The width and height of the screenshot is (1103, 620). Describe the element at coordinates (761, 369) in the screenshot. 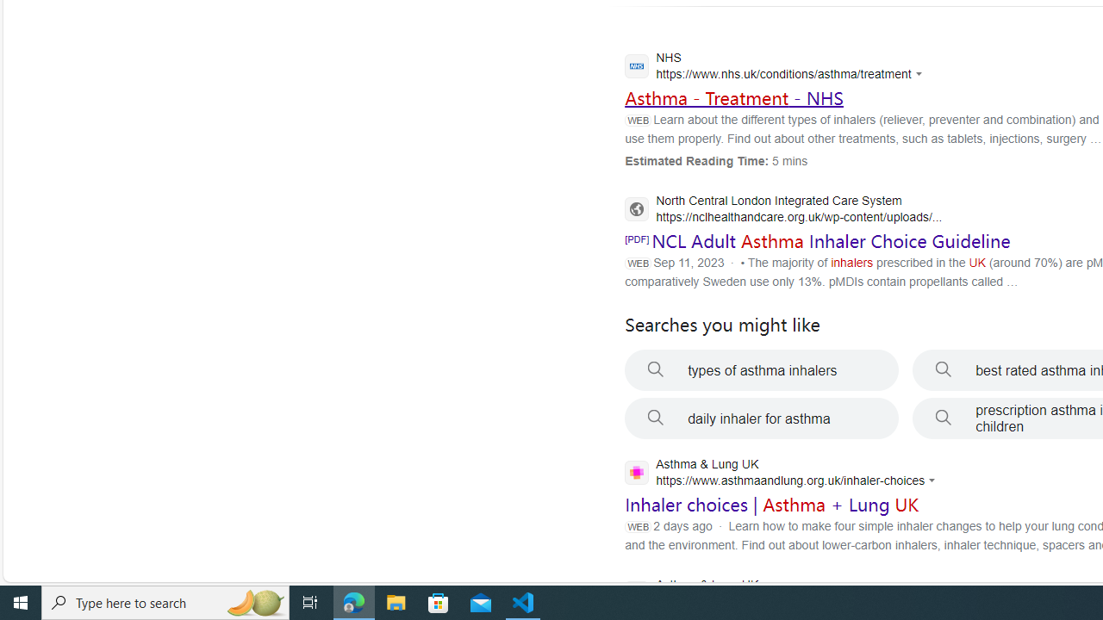

I see `'types of asthma inhalers'` at that location.